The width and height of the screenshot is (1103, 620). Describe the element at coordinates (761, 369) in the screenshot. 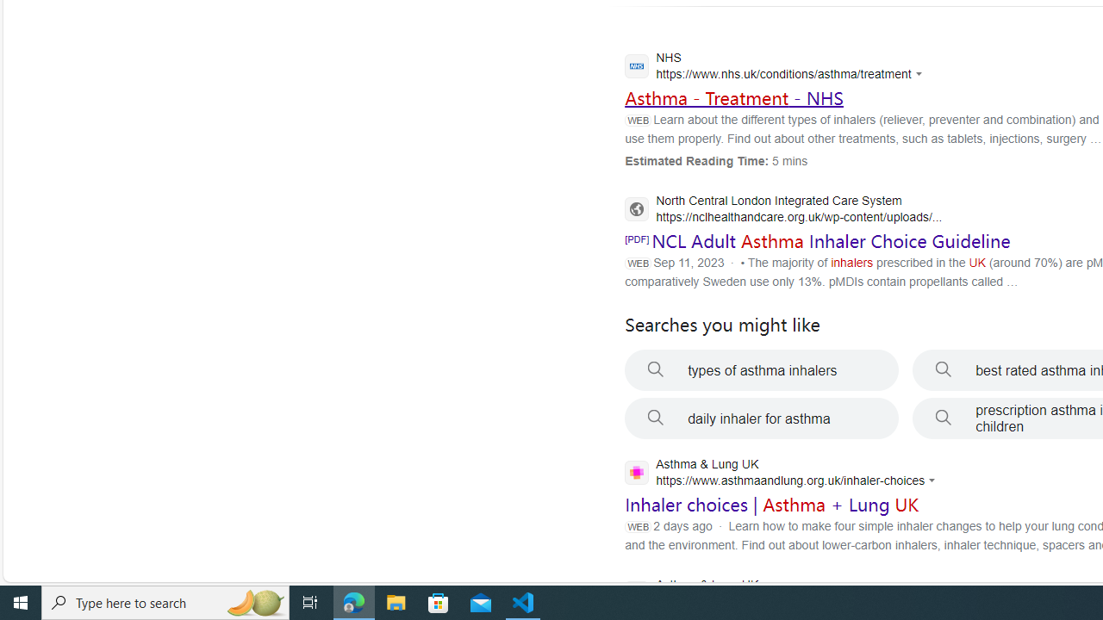

I see `'types of asthma inhalers'` at that location.